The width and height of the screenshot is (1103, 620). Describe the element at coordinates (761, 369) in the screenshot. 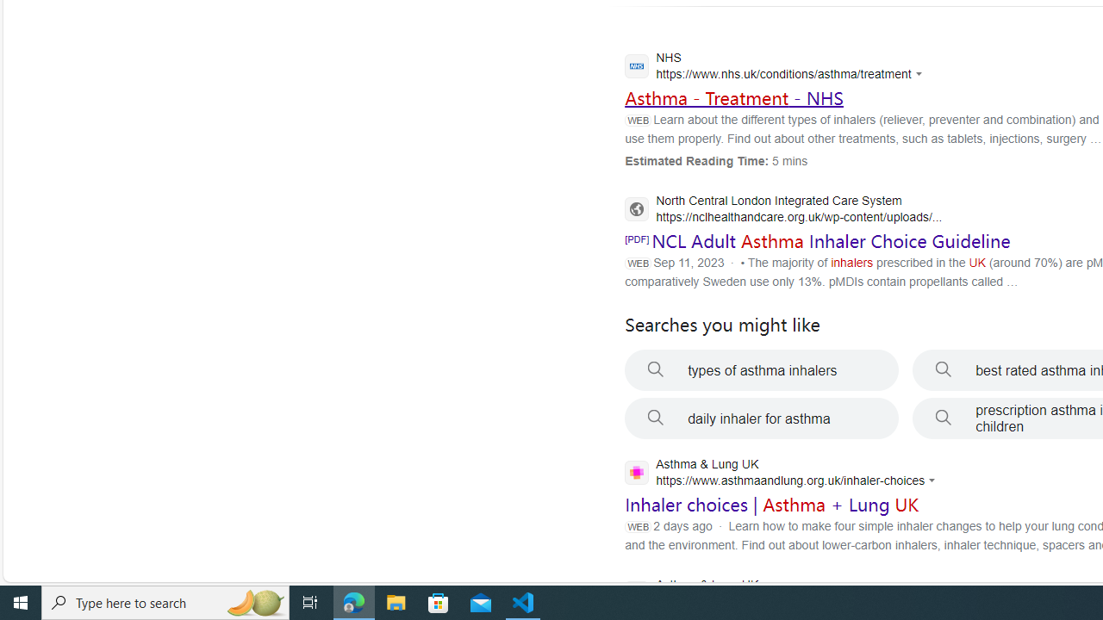

I see `'types of asthma inhalers'` at that location.